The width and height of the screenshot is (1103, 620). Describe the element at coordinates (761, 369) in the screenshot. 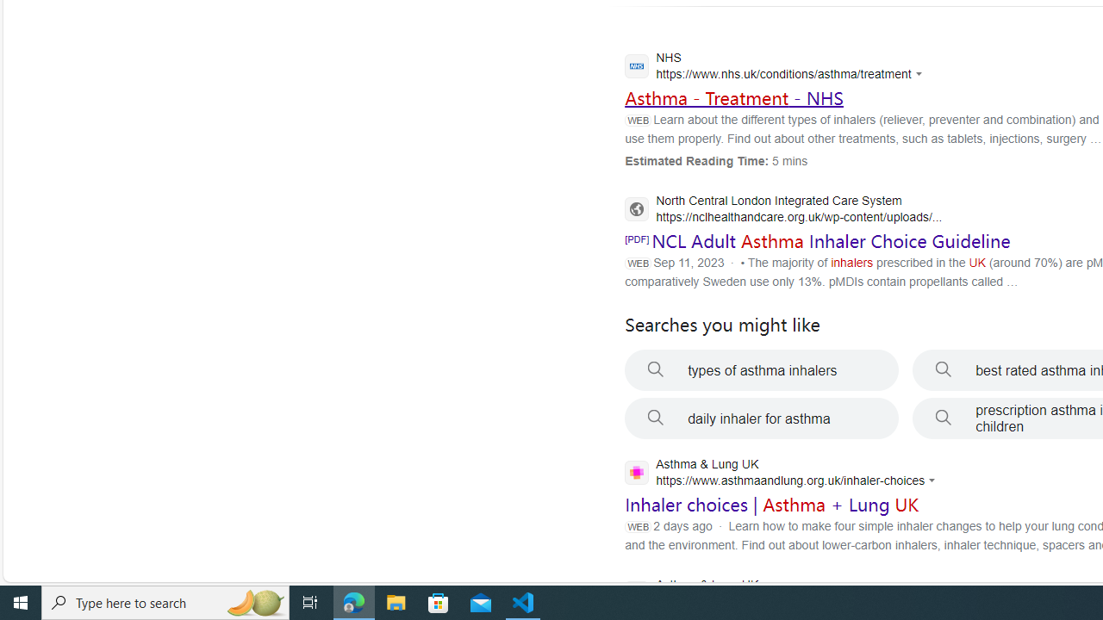

I see `'types of asthma inhalers'` at that location.